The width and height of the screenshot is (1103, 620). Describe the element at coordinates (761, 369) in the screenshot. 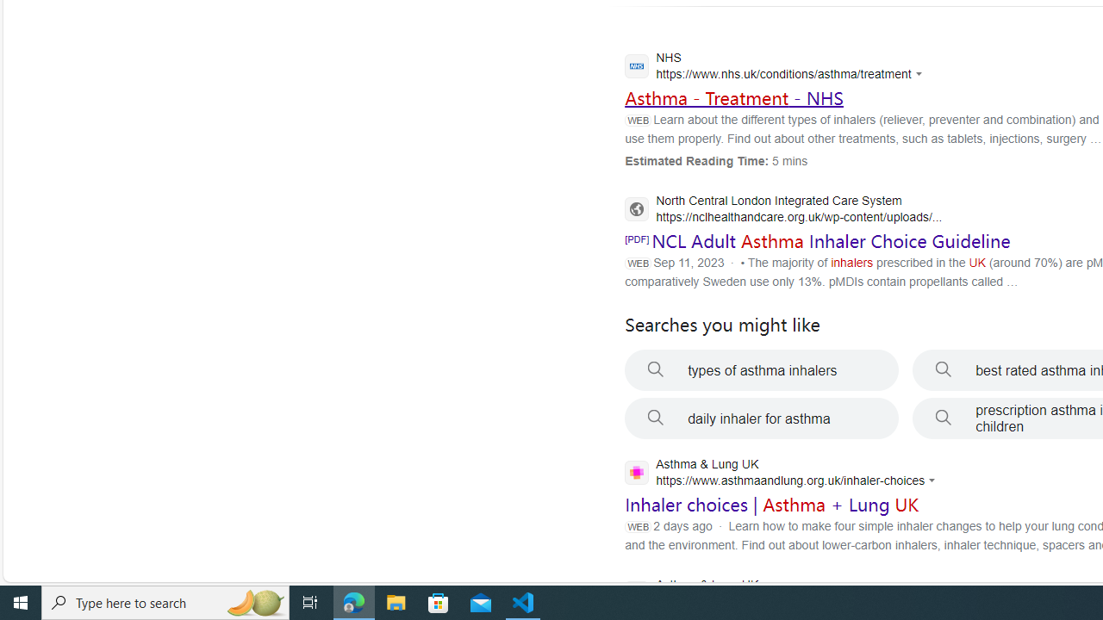

I see `'types of asthma inhalers'` at that location.